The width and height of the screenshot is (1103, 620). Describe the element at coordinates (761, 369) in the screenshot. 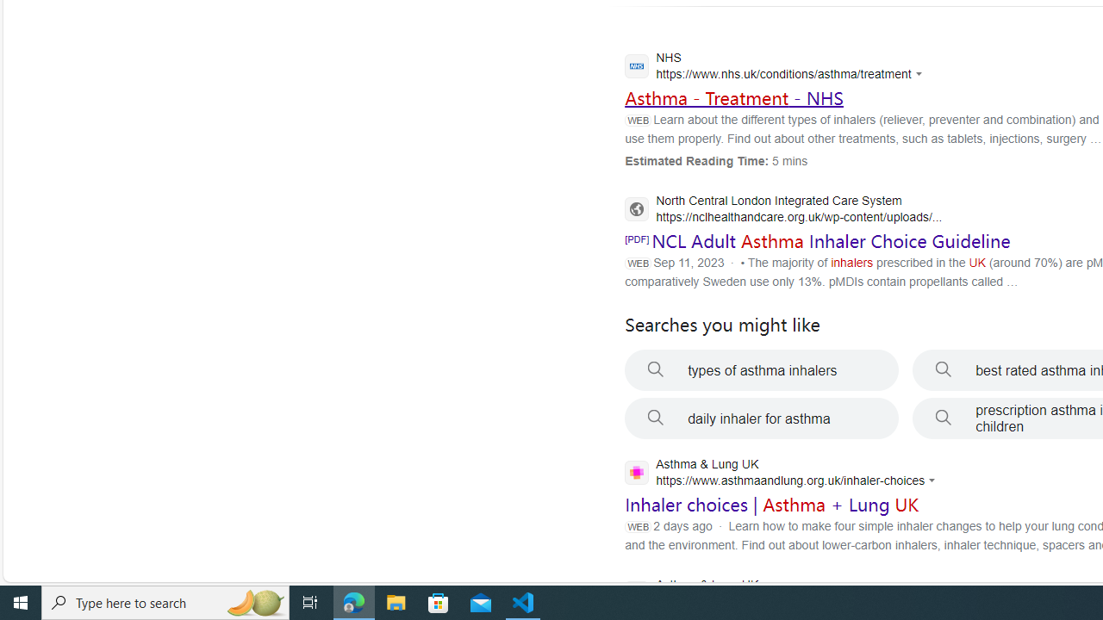

I see `'types of asthma inhalers'` at that location.